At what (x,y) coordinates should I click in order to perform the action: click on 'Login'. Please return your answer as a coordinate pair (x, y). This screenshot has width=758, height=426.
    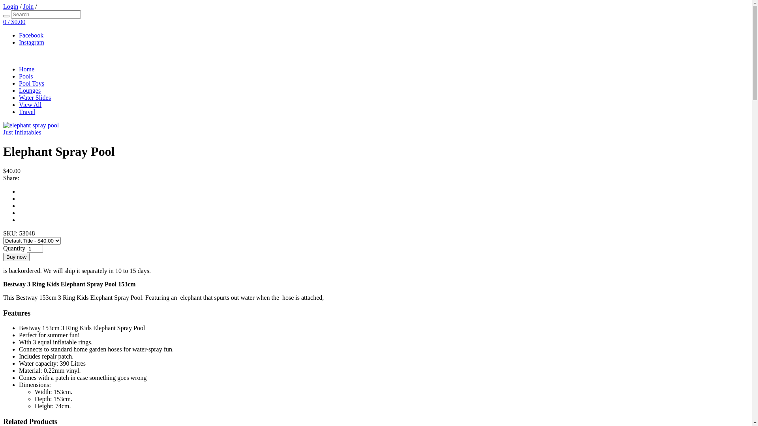
    Looking at the image, I should click on (11, 6).